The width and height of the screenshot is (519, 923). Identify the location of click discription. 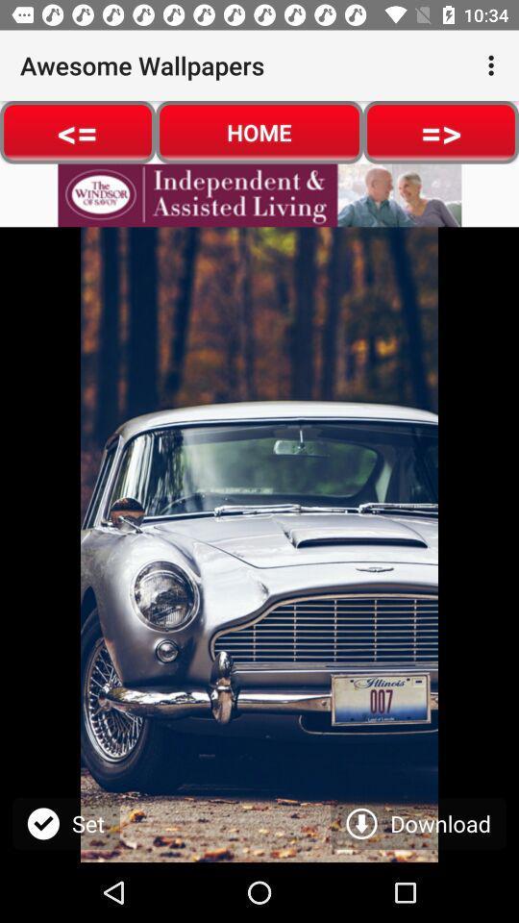
(259, 195).